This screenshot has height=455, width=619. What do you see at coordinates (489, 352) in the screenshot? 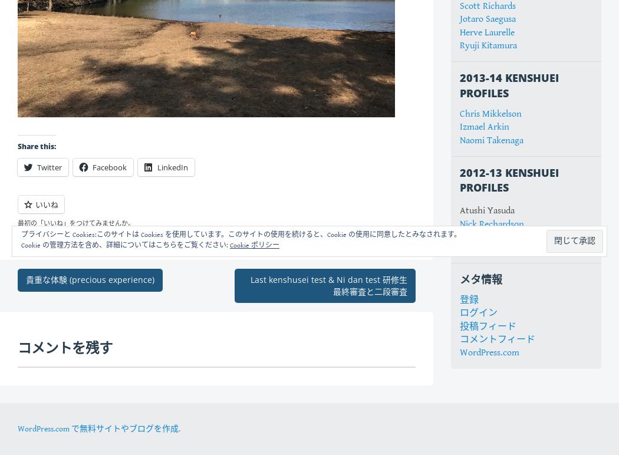
I see `'WordPress.com'` at bounding box center [489, 352].